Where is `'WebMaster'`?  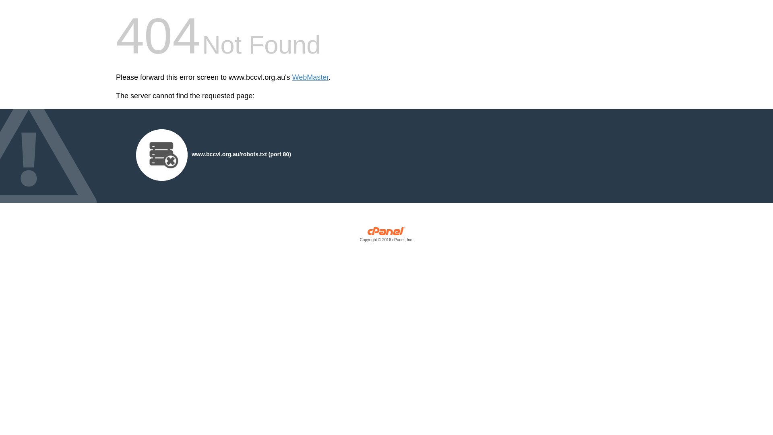
'WebMaster' is located at coordinates (291, 77).